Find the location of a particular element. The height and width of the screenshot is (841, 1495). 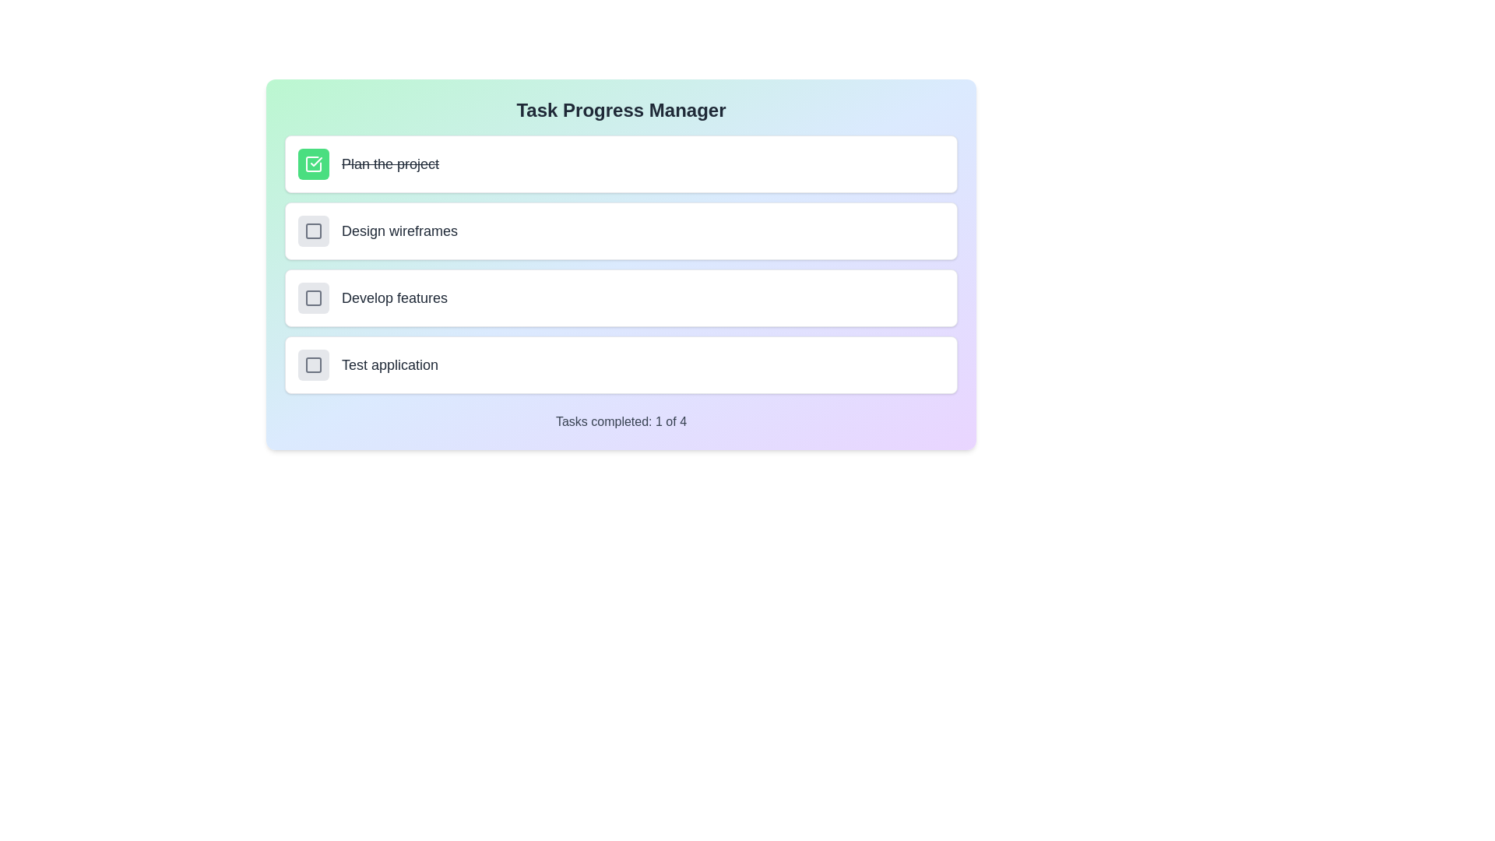

text of the completed task label located in the first row of the vertical task list, to the right of the green checkmark icon in the 'Task Progress Manager' interface is located at coordinates (390, 164).